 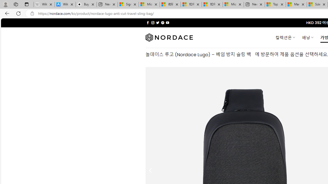 I want to click on 'Sign in to your Microsoft account', so click(x=128, y=4).